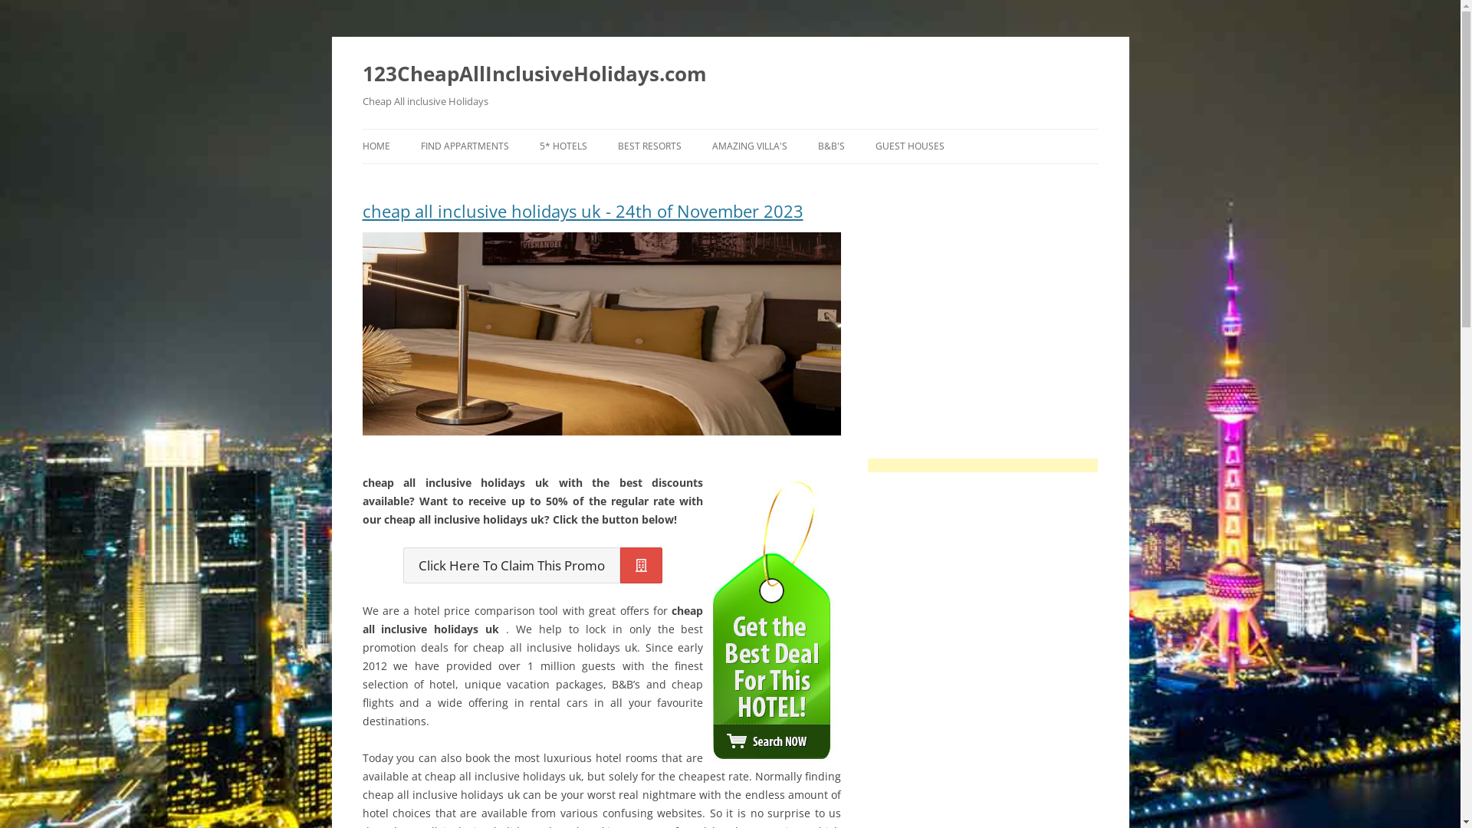 This screenshot has width=1472, height=828. I want to click on '123CheapAllInclusiveHolidays.com', so click(534, 74).